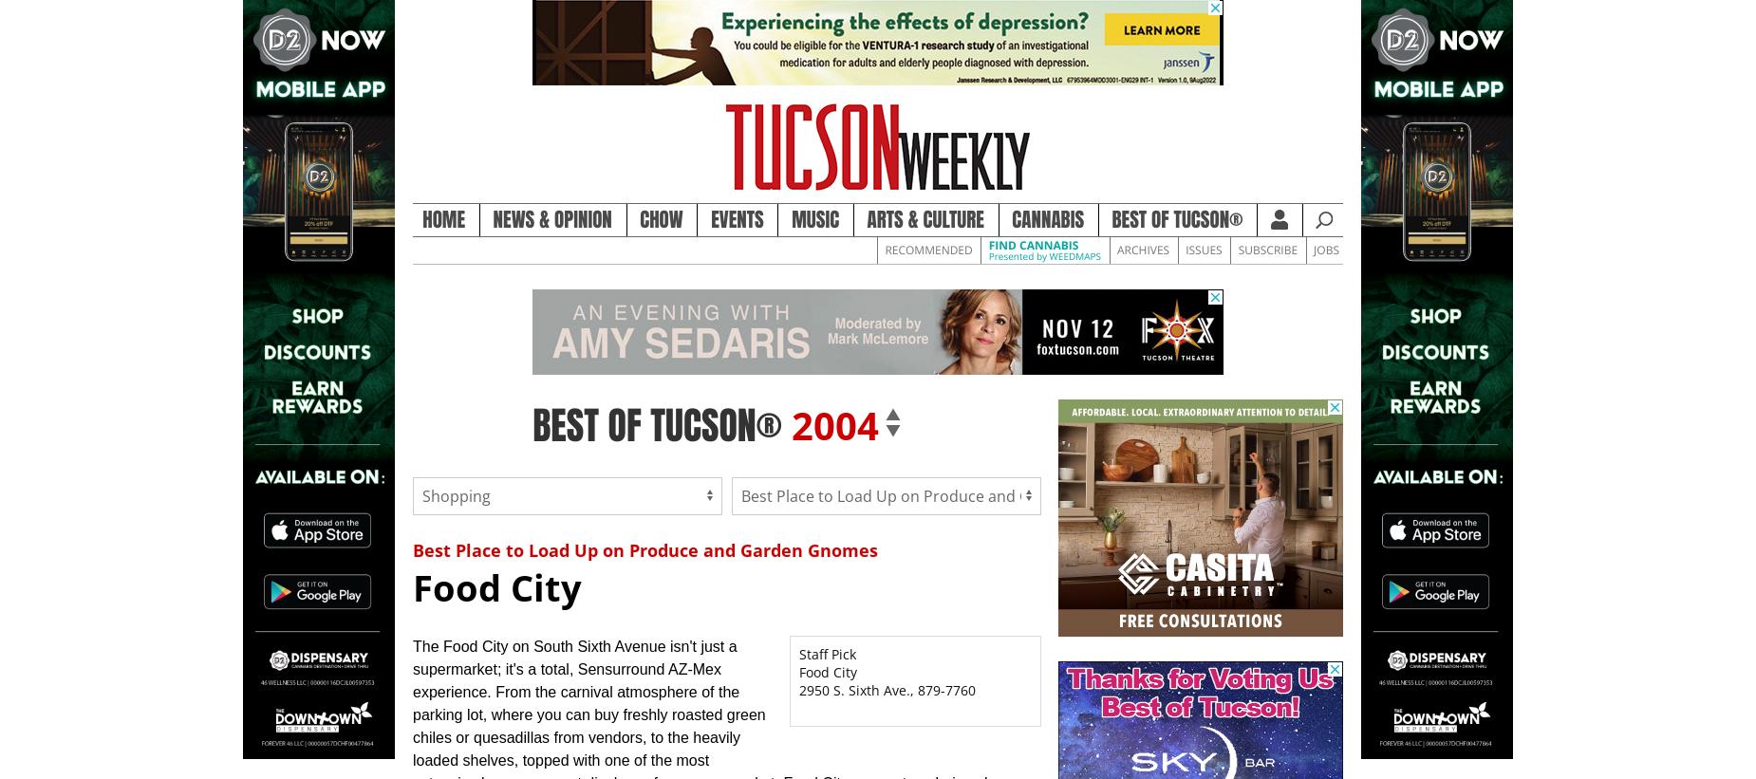  I want to click on 'Home', so click(443, 219).